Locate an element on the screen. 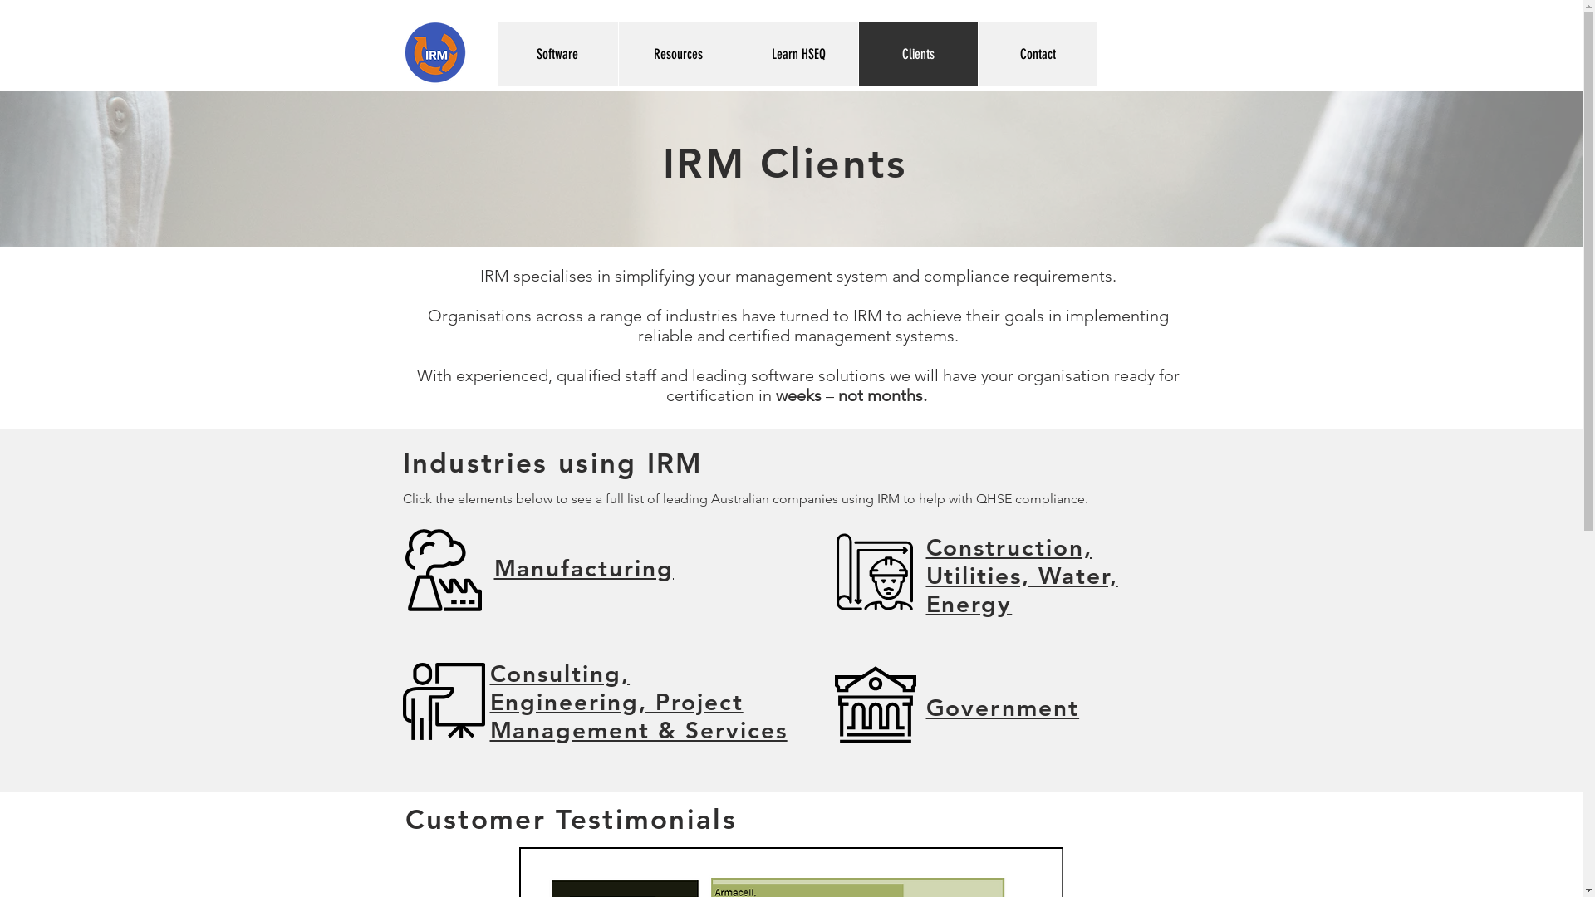 The image size is (1595, 897). 'Government' is located at coordinates (1001, 708).